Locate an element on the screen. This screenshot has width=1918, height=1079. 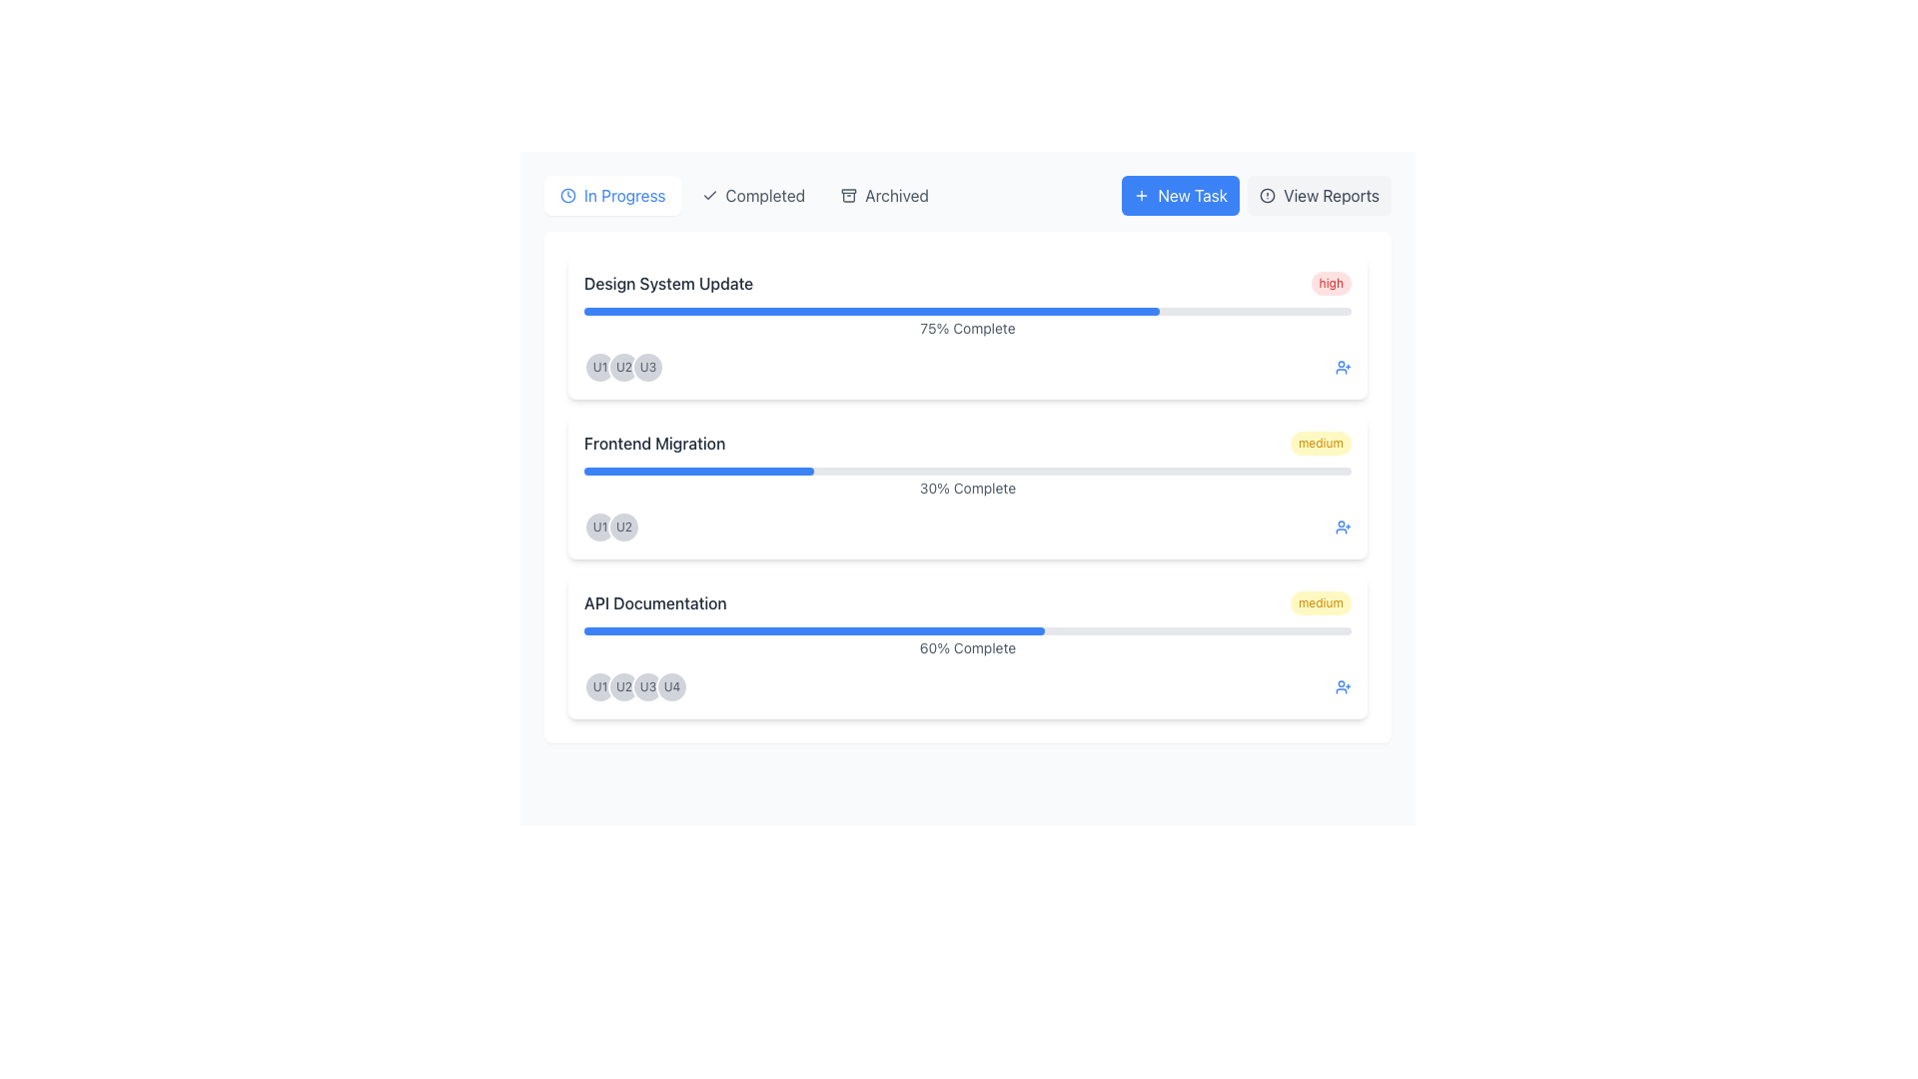
to select the 'In Progress' button, which is a rectangular button with rounded edges, a white background, blue text, and a clock icon on the left side is located at coordinates (611, 196).